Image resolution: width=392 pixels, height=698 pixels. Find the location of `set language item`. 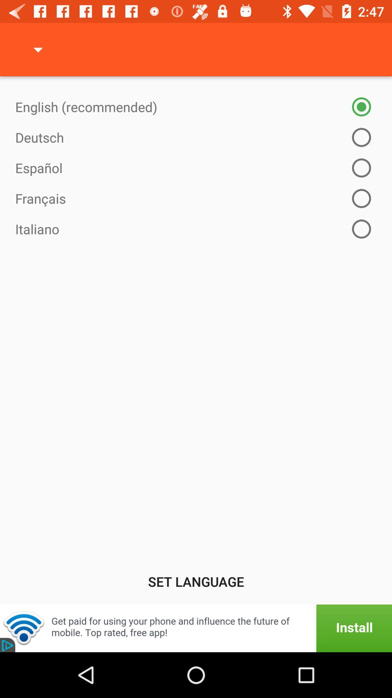

set language item is located at coordinates (196, 581).